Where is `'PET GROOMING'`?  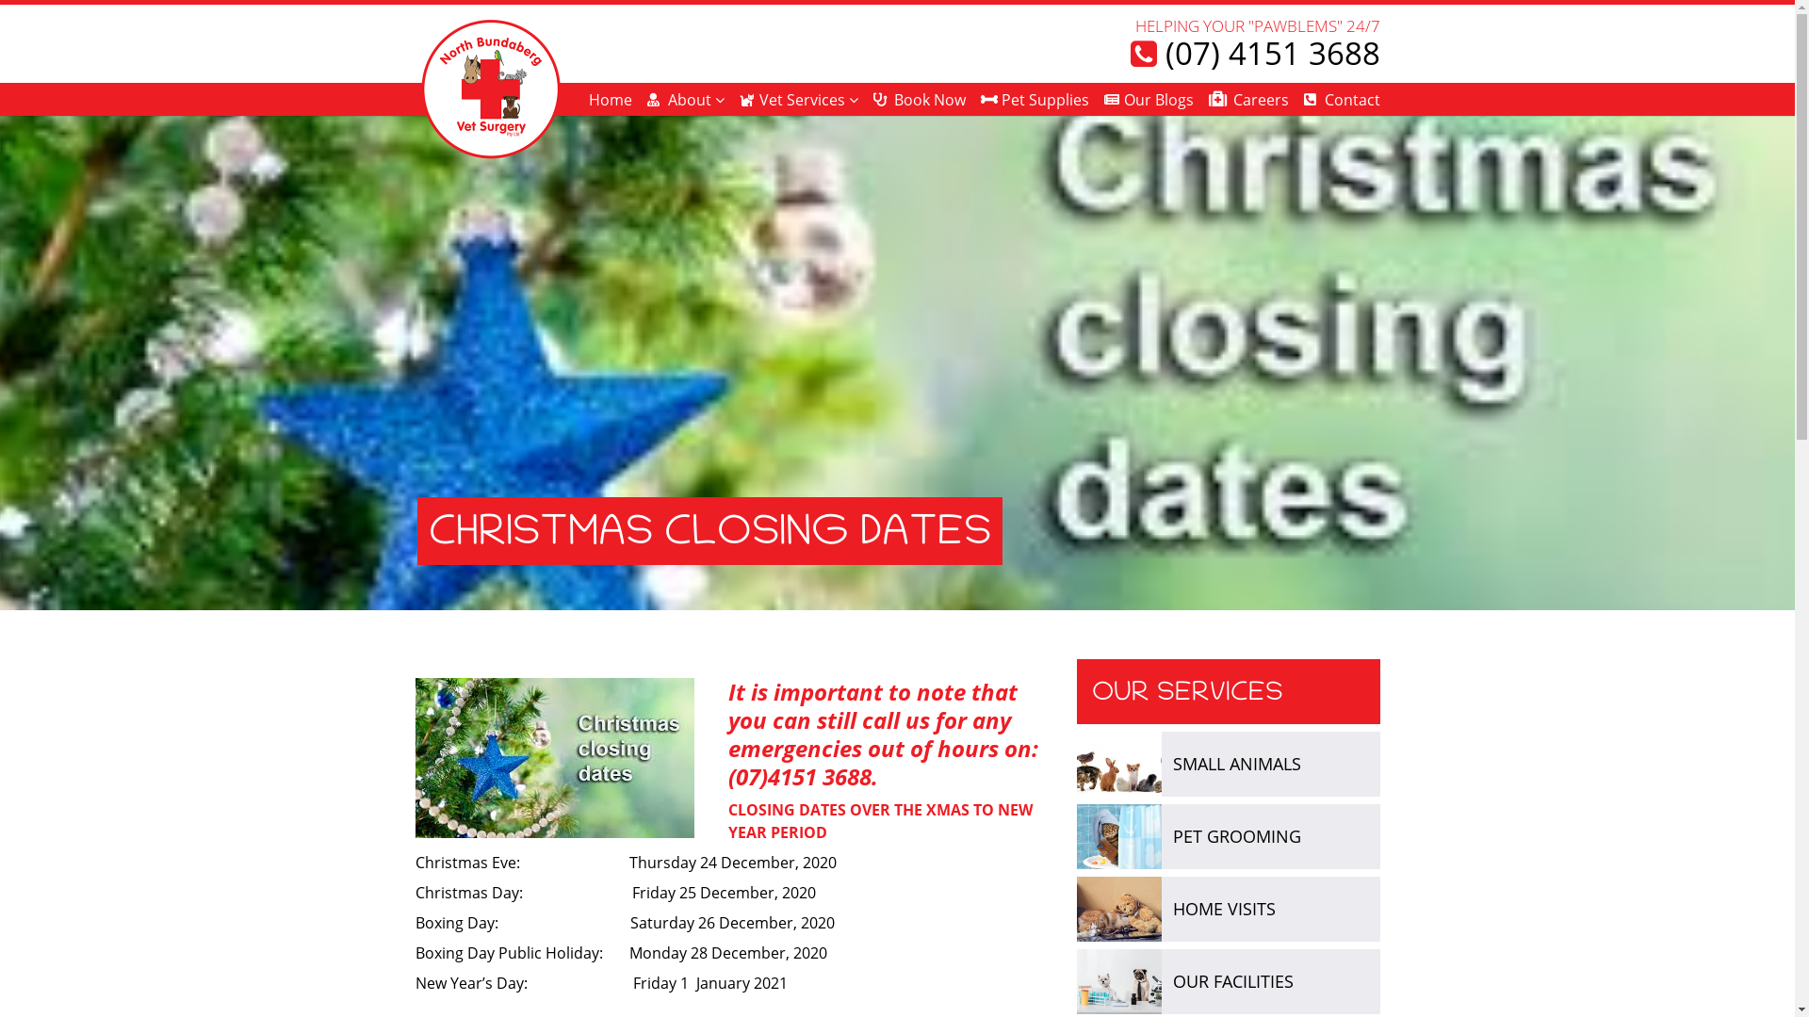 'PET GROOMING' is located at coordinates (1237, 834).